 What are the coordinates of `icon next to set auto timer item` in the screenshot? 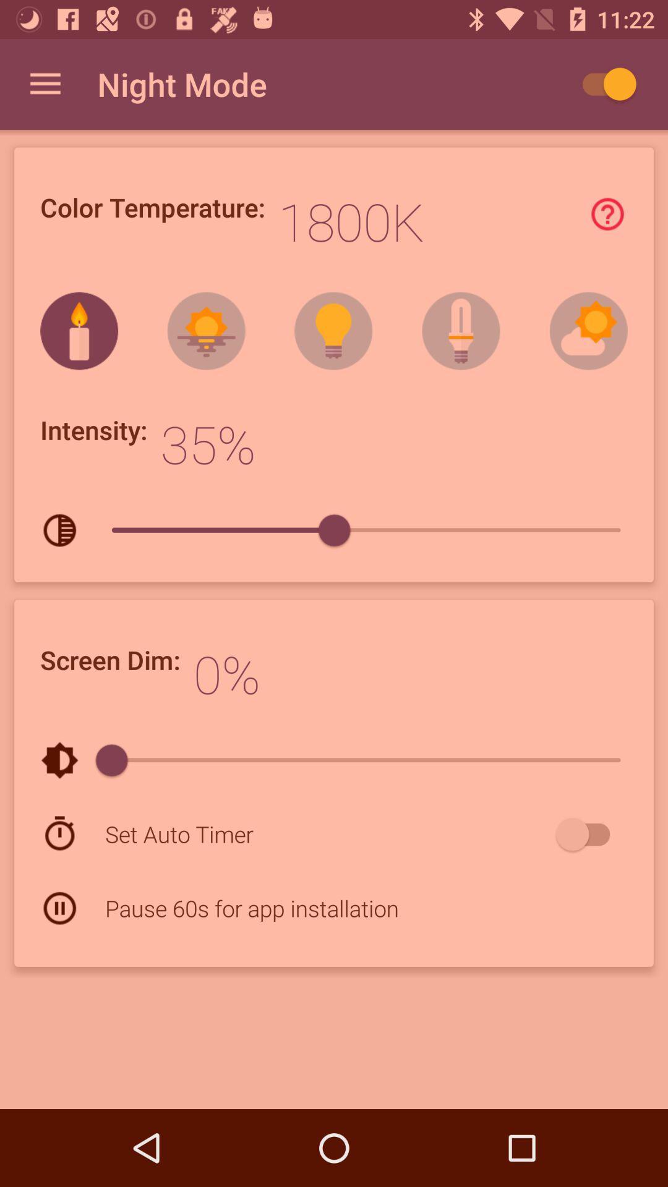 It's located at (588, 834).